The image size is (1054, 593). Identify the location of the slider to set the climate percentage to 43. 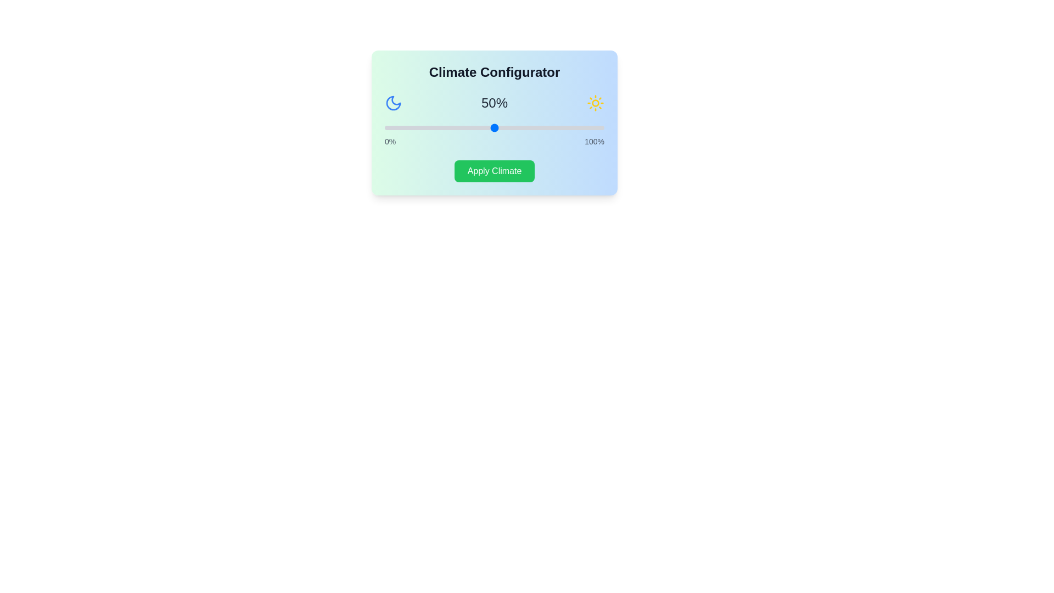
(479, 127).